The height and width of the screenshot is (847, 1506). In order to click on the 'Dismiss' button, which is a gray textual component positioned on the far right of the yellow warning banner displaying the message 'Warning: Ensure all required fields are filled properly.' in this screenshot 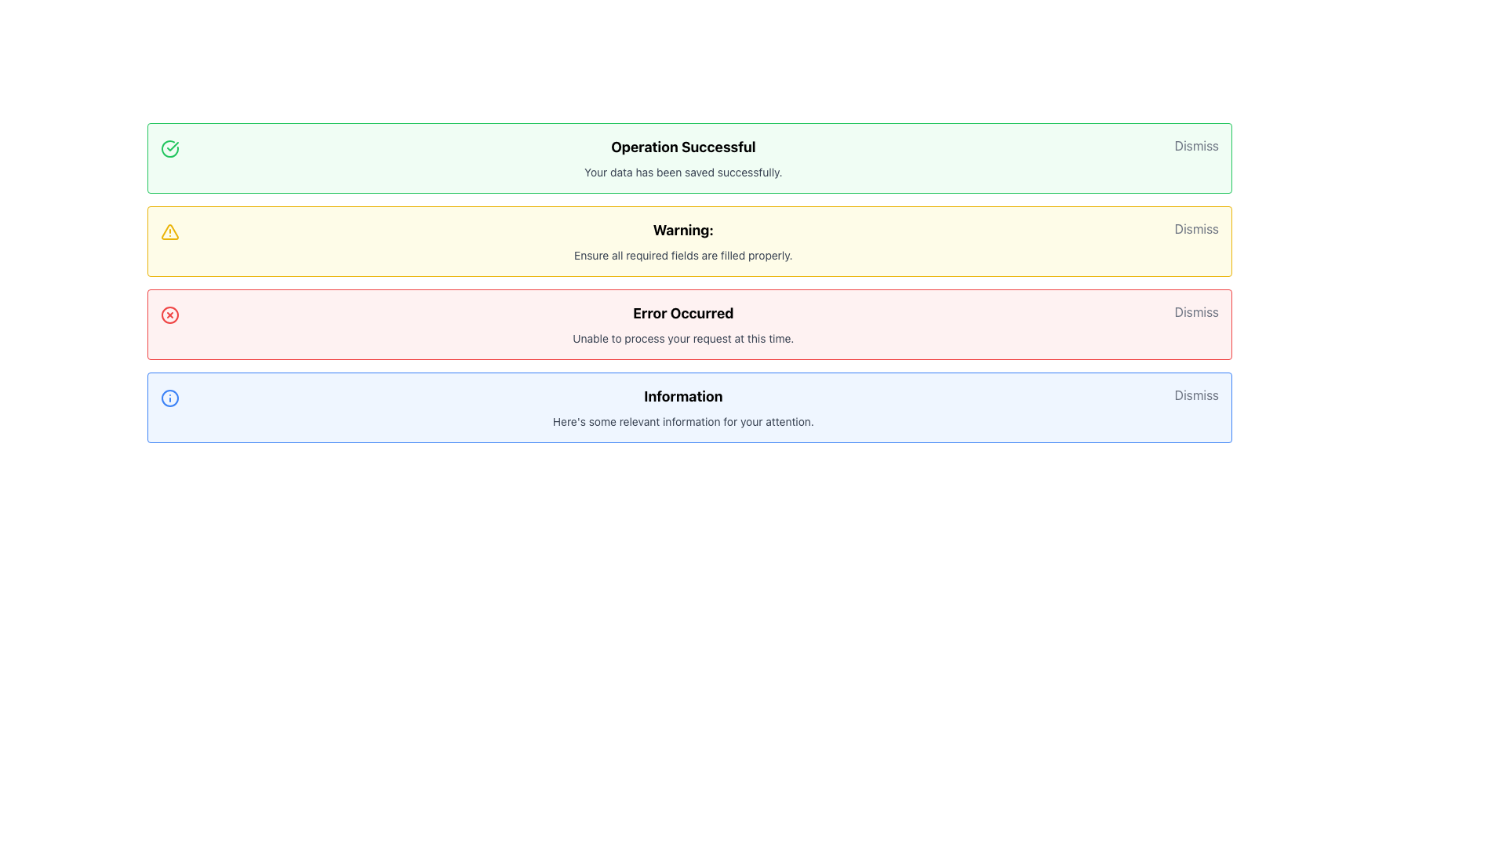, I will do `click(1195, 229)`.